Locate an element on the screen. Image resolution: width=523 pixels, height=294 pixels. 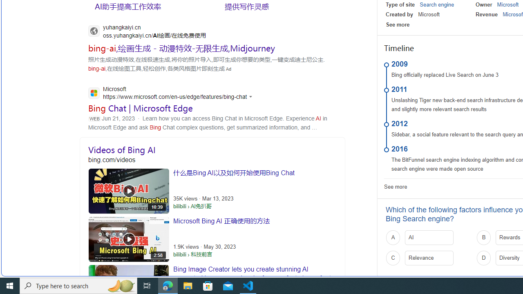
'Bing Chat | Microsoft Edge' is located at coordinates (141, 107).